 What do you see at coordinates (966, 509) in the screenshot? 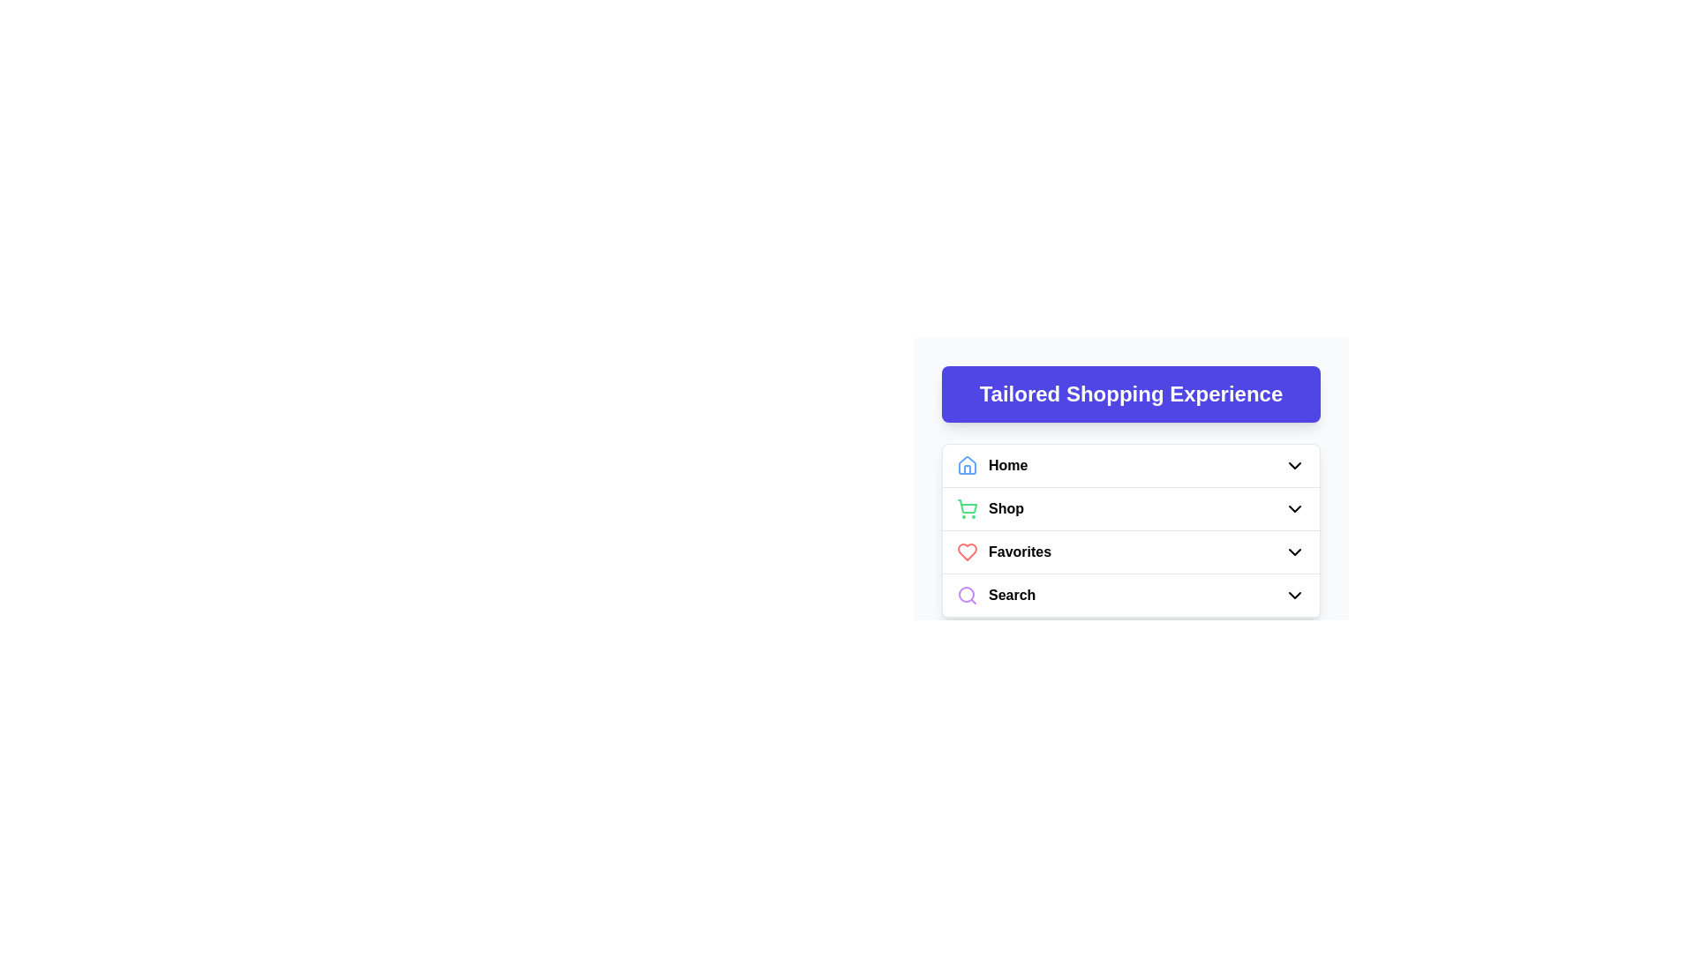
I see `the green shopping cart icon located to the left of the 'Shop' text` at bounding box center [966, 509].